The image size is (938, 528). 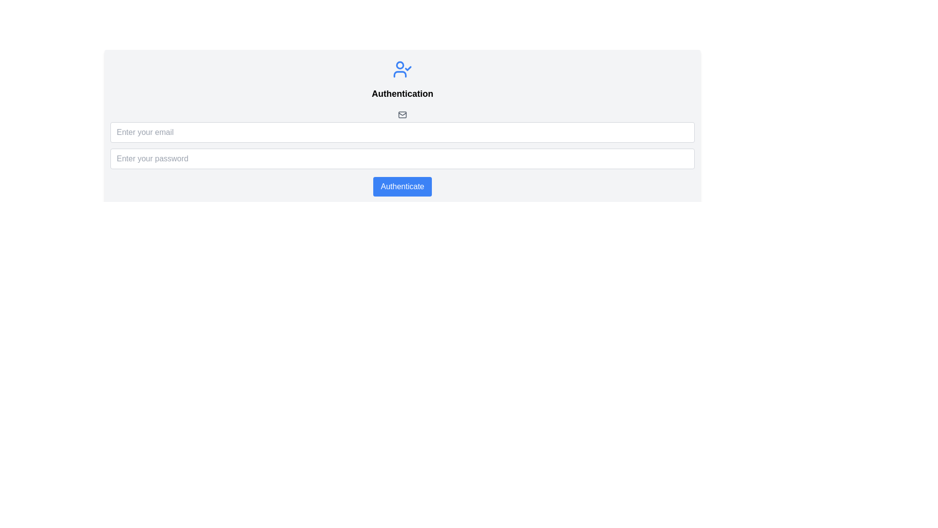 What do you see at coordinates (403, 157) in the screenshot?
I see `the password input field, which is a rectangular field with a light border, located below the 'Enter your email' field and above the 'Authenticate' button` at bounding box center [403, 157].